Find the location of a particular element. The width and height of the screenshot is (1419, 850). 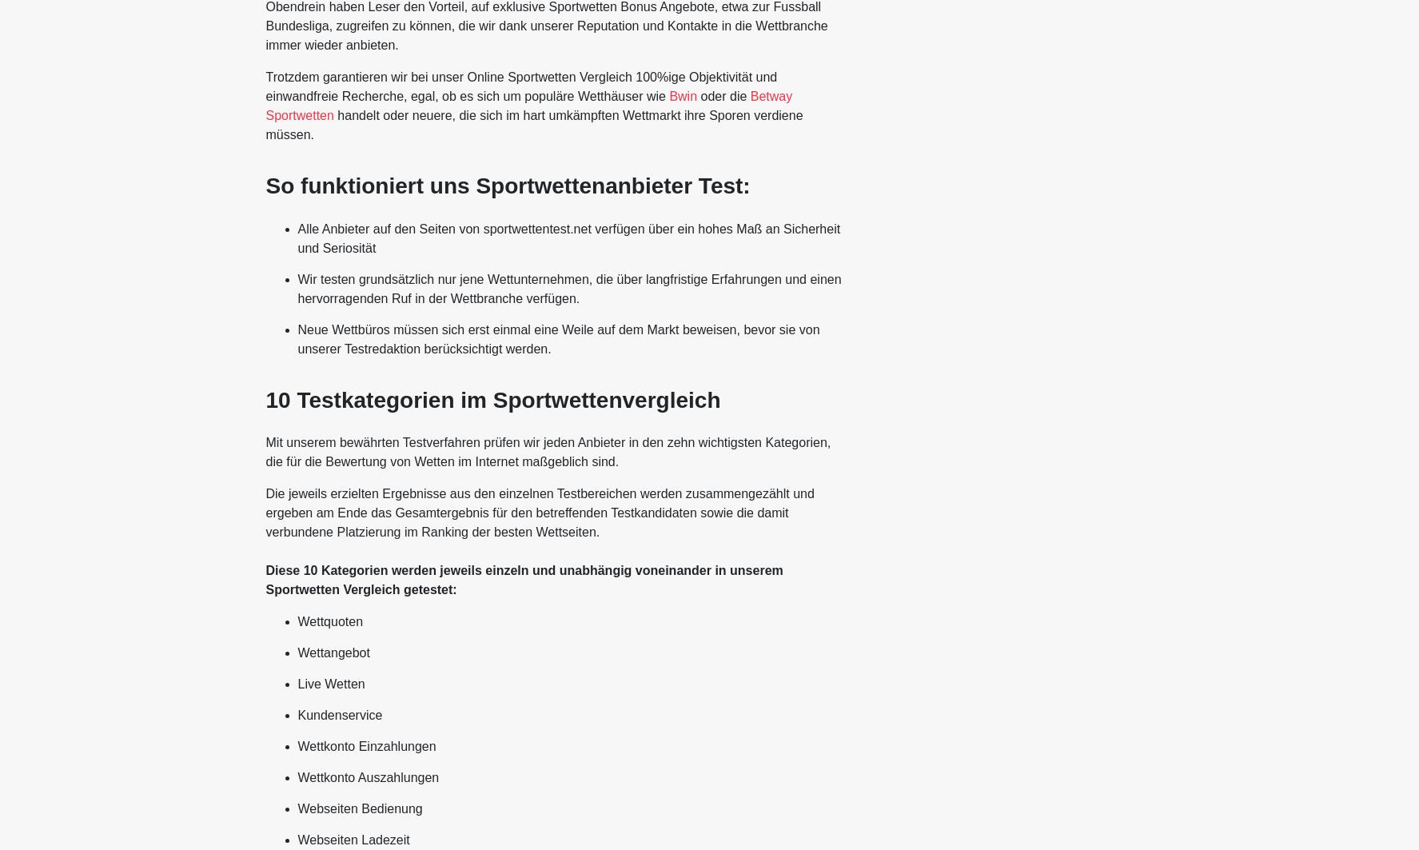

'Wettkonto Auszahlungen' is located at coordinates (368, 776).